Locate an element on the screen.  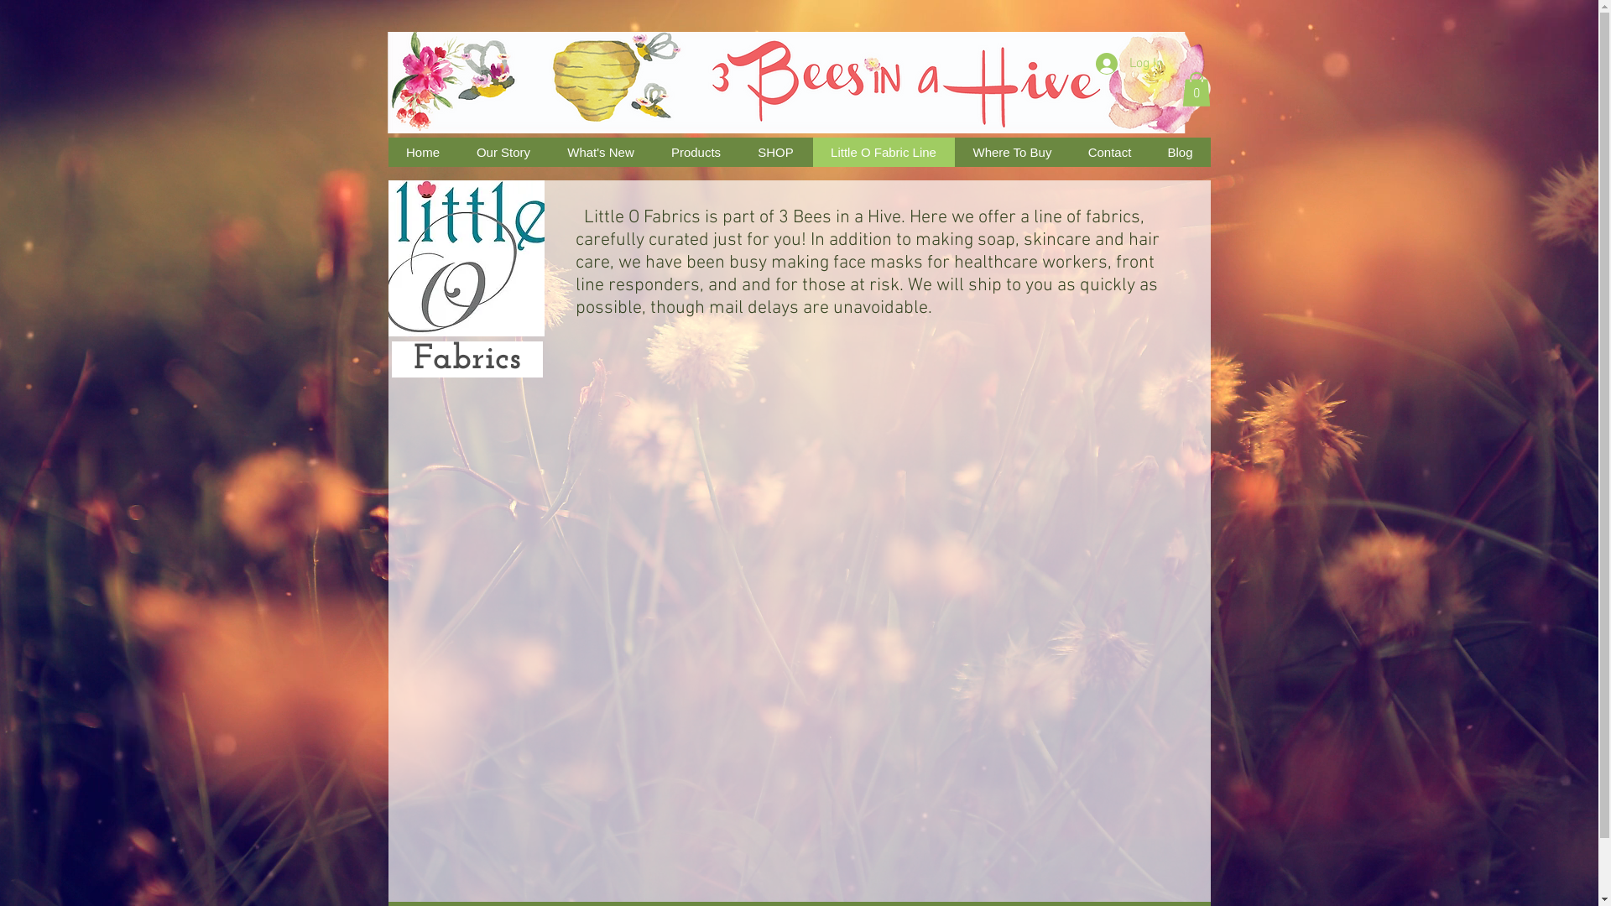
'0' is located at coordinates (1180, 89).